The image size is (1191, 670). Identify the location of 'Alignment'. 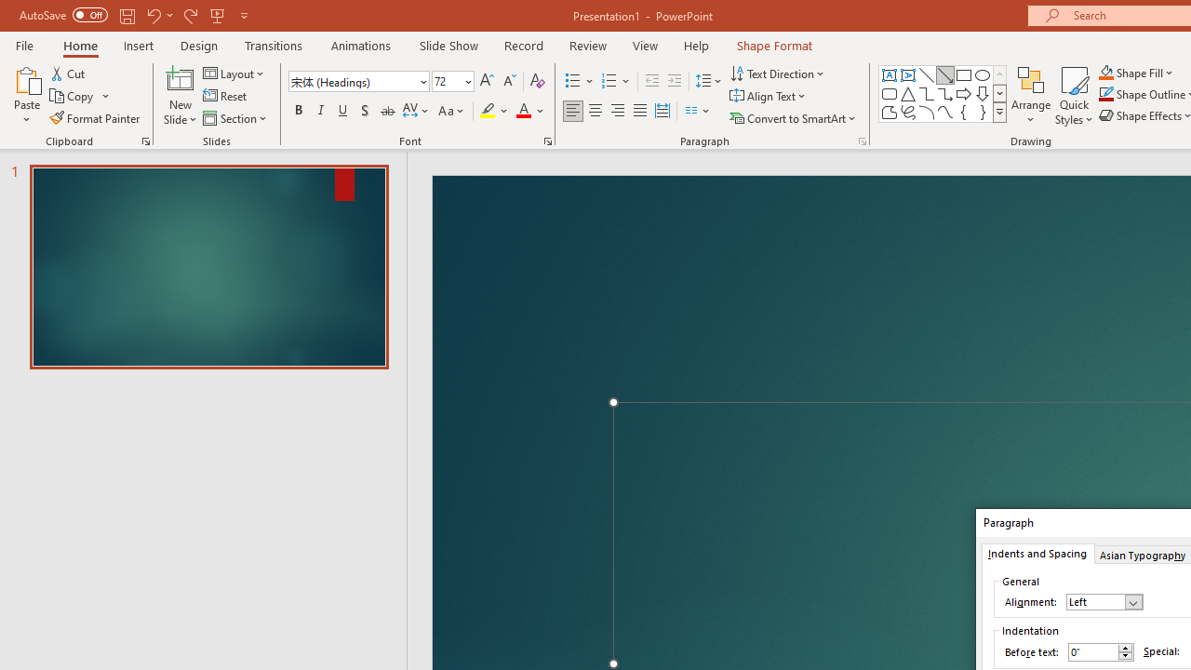
(1104, 601).